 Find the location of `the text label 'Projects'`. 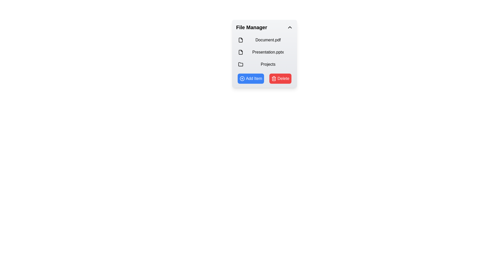

the text label 'Projects' is located at coordinates (268, 64).